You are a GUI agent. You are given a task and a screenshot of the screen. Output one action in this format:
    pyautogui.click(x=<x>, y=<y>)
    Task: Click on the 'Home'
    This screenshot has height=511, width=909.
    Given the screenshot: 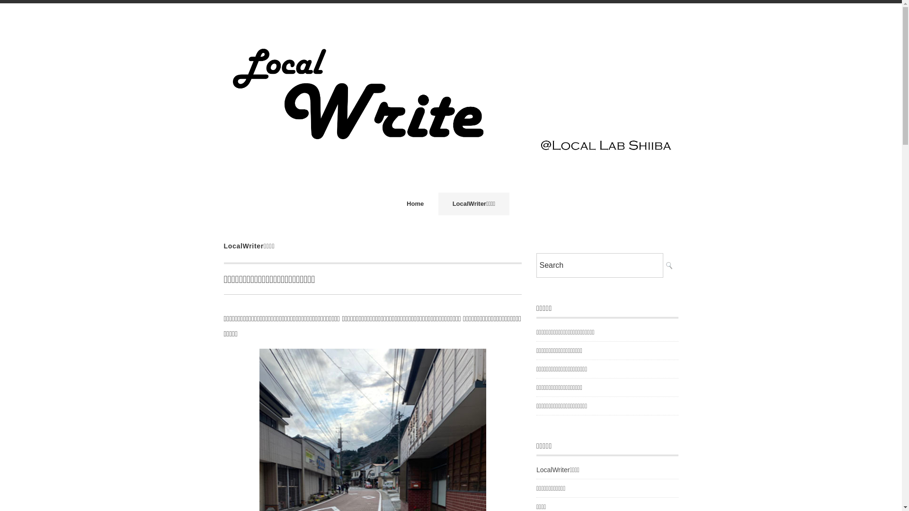 What is the action you would take?
    pyautogui.click(x=415, y=203)
    